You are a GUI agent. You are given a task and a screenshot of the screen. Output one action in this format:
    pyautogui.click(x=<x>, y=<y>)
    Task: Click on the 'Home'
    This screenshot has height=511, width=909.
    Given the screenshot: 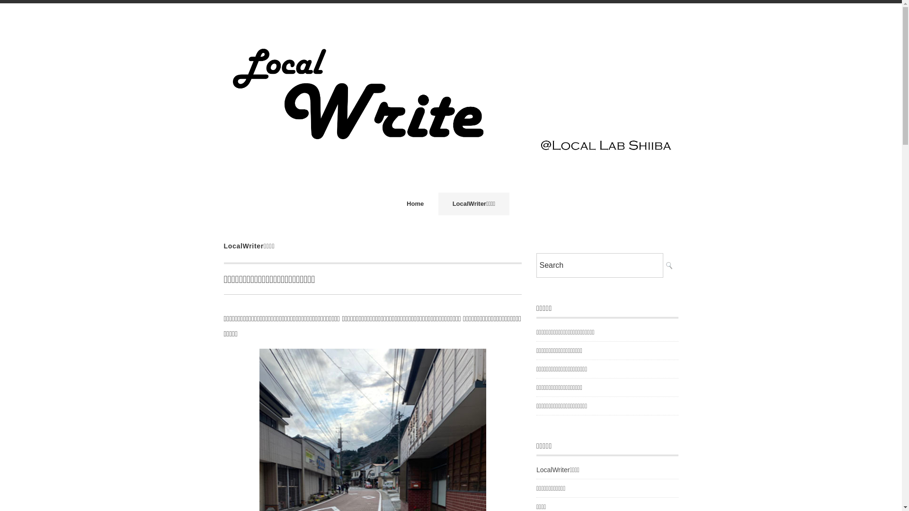 What is the action you would take?
    pyautogui.click(x=415, y=203)
    